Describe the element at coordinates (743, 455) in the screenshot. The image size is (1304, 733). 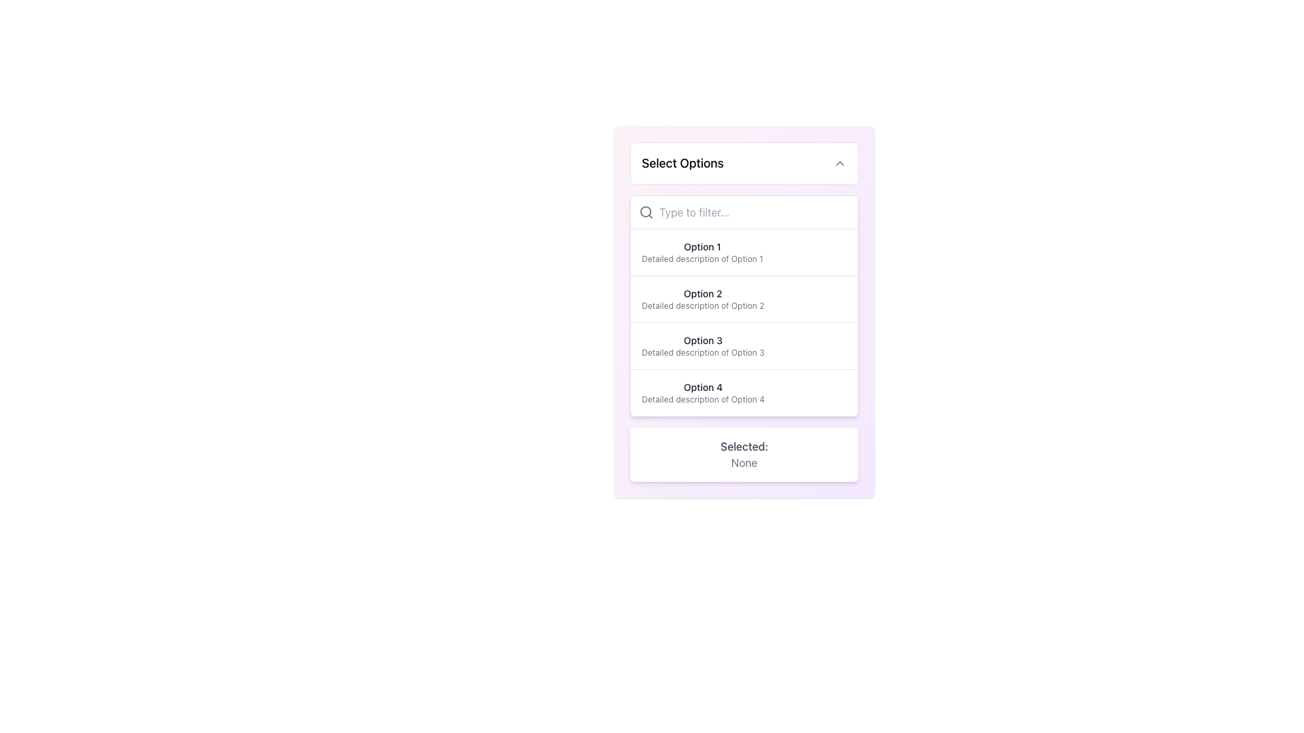
I see `the informational display box that shows the current selection status, which initially indicates 'None'` at that location.